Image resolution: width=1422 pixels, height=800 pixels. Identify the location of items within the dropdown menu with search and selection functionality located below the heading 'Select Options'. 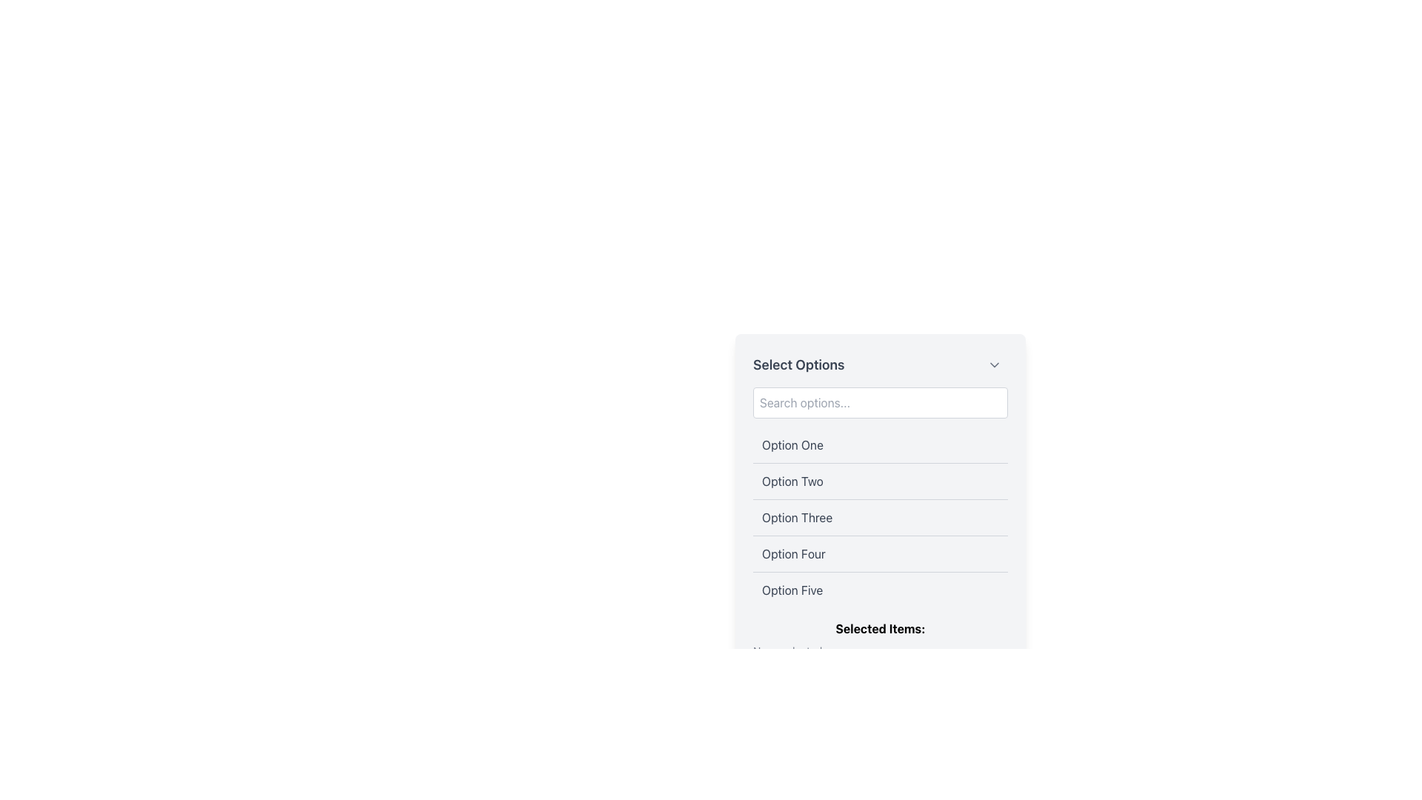
(881, 517).